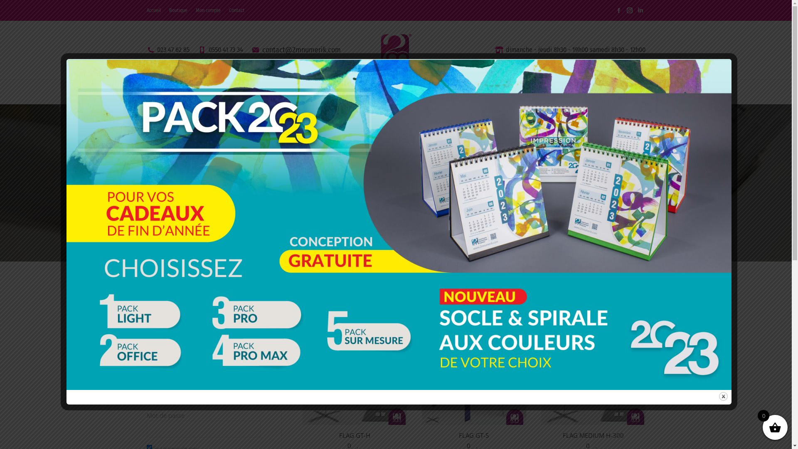  What do you see at coordinates (207, 10) in the screenshot?
I see `'Mon compte'` at bounding box center [207, 10].